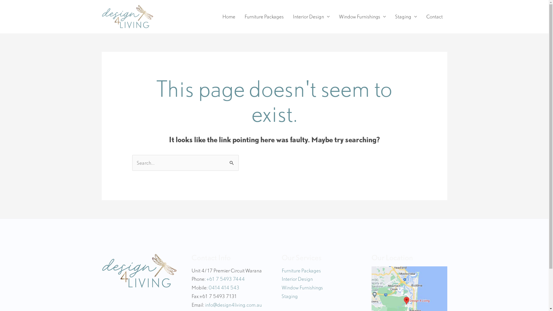  I want to click on 'Staging', so click(406, 16).